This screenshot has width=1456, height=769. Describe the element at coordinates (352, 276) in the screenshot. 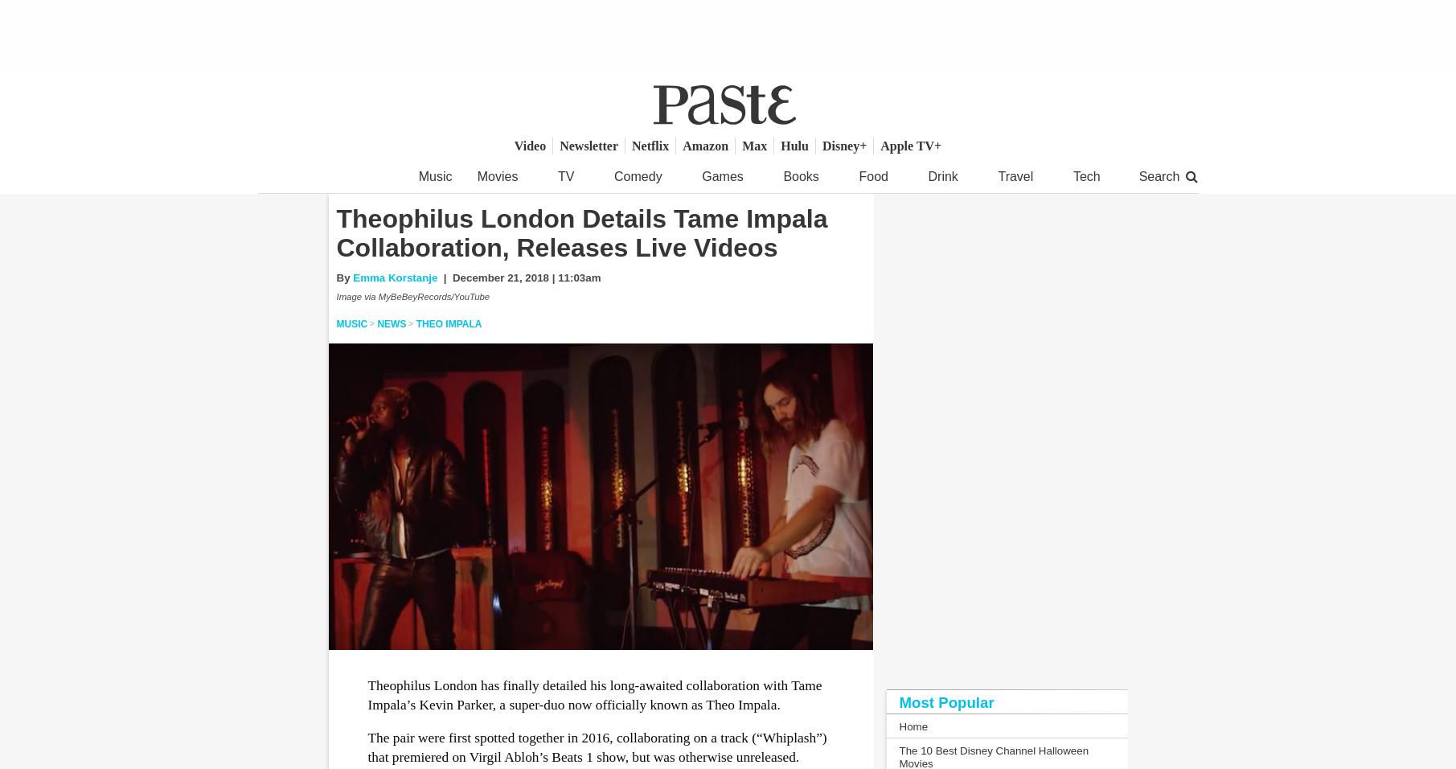

I see `'Emma Korstanje'` at that location.